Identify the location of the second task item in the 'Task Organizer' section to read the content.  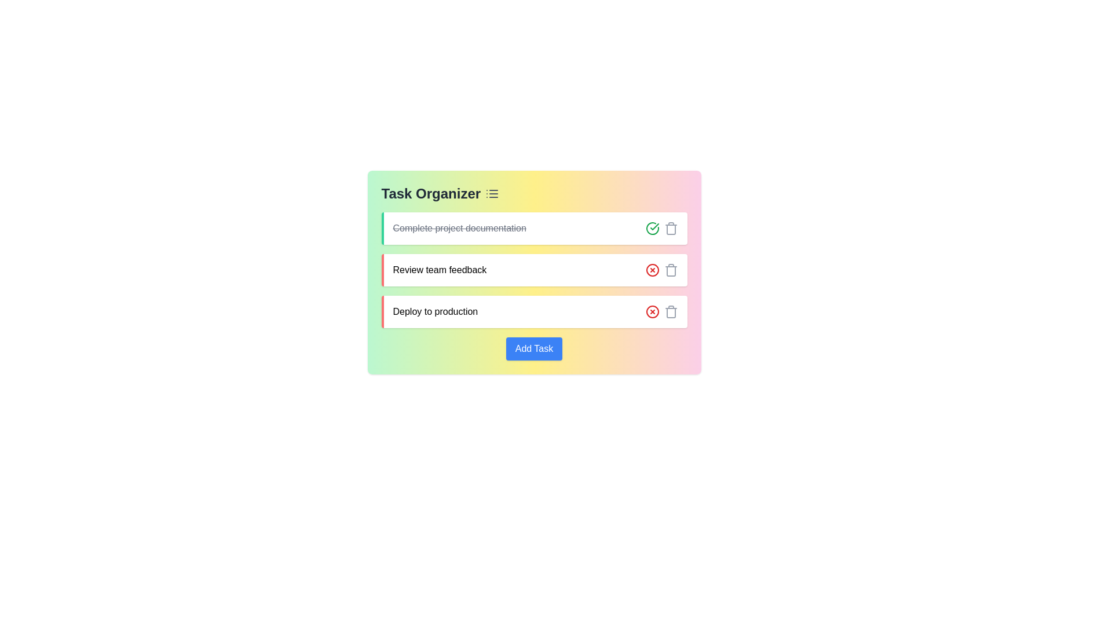
(533, 270).